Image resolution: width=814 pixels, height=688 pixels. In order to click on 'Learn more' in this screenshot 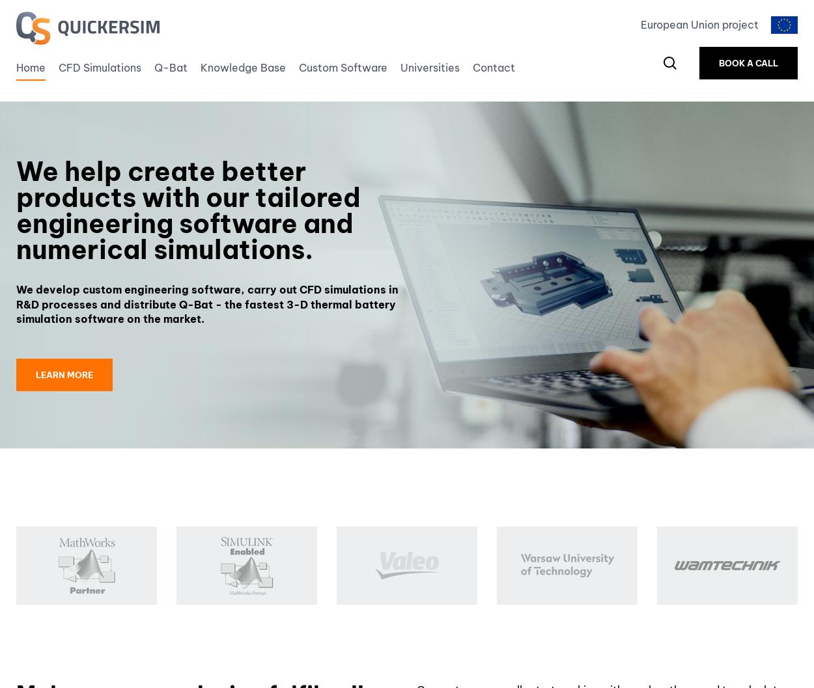, I will do `click(64, 374)`.